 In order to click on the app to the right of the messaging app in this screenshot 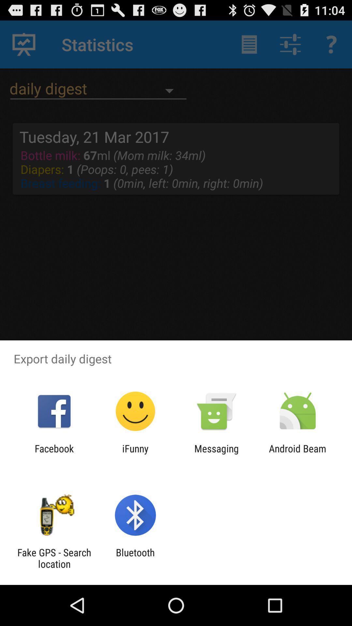, I will do `click(298, 454)`.